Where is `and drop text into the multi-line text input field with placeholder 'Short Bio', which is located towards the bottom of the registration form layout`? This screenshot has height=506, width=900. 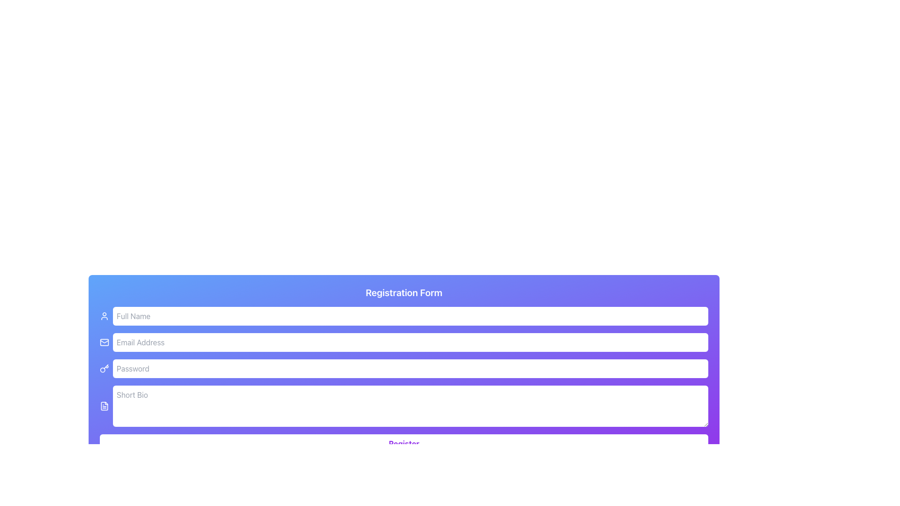 and drop text into the multi-line text input field with placeholder 'Short Bio', which is located towards the bottom of the registration form layout is located at coordinates (410, 406).